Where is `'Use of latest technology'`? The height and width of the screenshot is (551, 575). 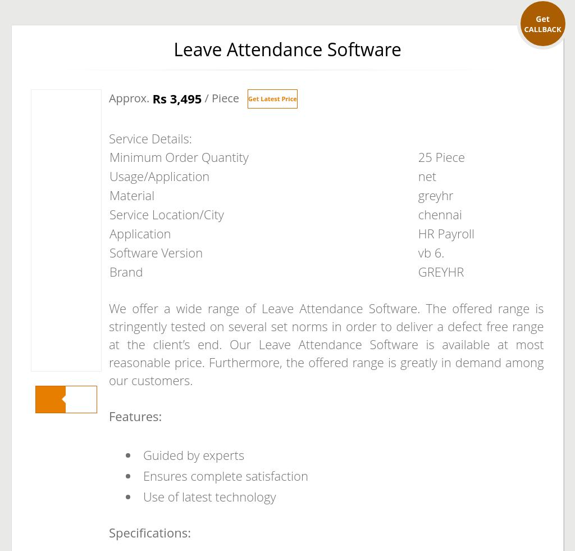
'Use of latest technology' is located at coordinates (142, 496).